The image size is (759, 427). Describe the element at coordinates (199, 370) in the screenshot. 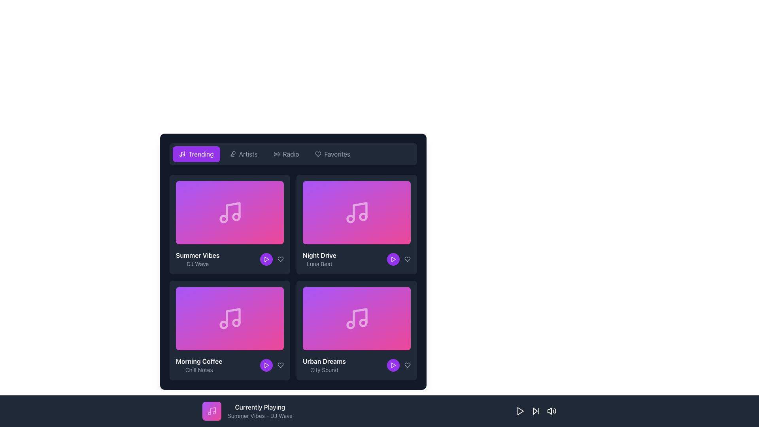

I see `the text label displaying 'Chill Notes' in light gray, located beneath the 'Morning Coffee' label in the bottom-left quadrant of the main grid interface` at that location.